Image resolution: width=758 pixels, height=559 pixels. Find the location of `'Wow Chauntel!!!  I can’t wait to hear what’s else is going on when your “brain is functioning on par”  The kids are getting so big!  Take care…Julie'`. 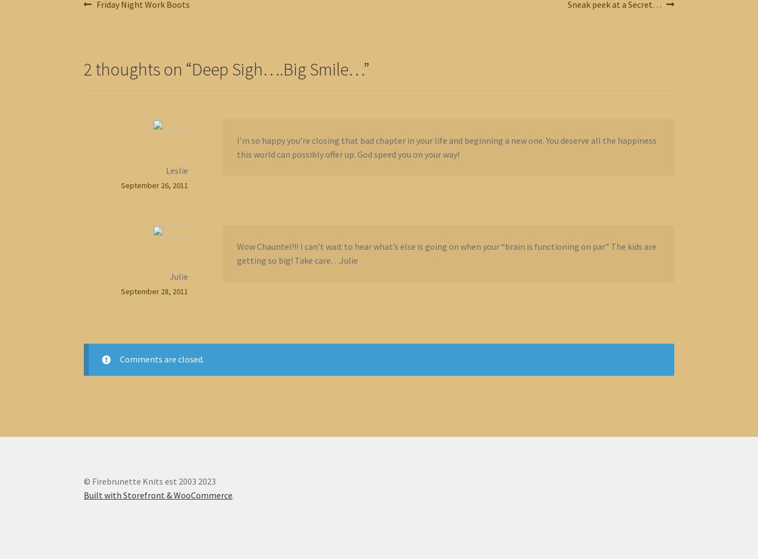

'Wow Chauntel!!!  I can’t wait to hear what’s else is going on when your “brain is functioning on par”  The kids are getting so big!  Take care…Julie' is located at coordinates (446, 253).